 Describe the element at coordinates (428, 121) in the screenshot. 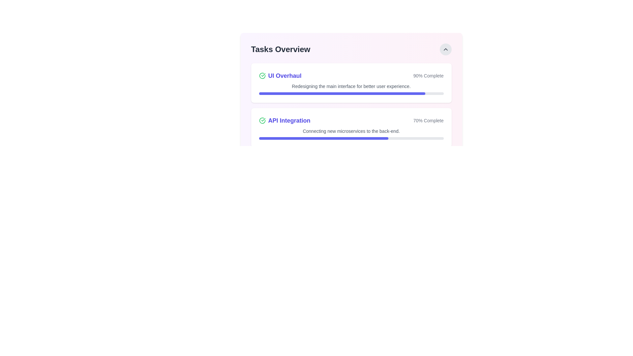

I see `the progress indicator text that shows the percentage completion of the 'API Integration' task, positioned to the right of the 'API Integration' heading in the task summary component` at that location.